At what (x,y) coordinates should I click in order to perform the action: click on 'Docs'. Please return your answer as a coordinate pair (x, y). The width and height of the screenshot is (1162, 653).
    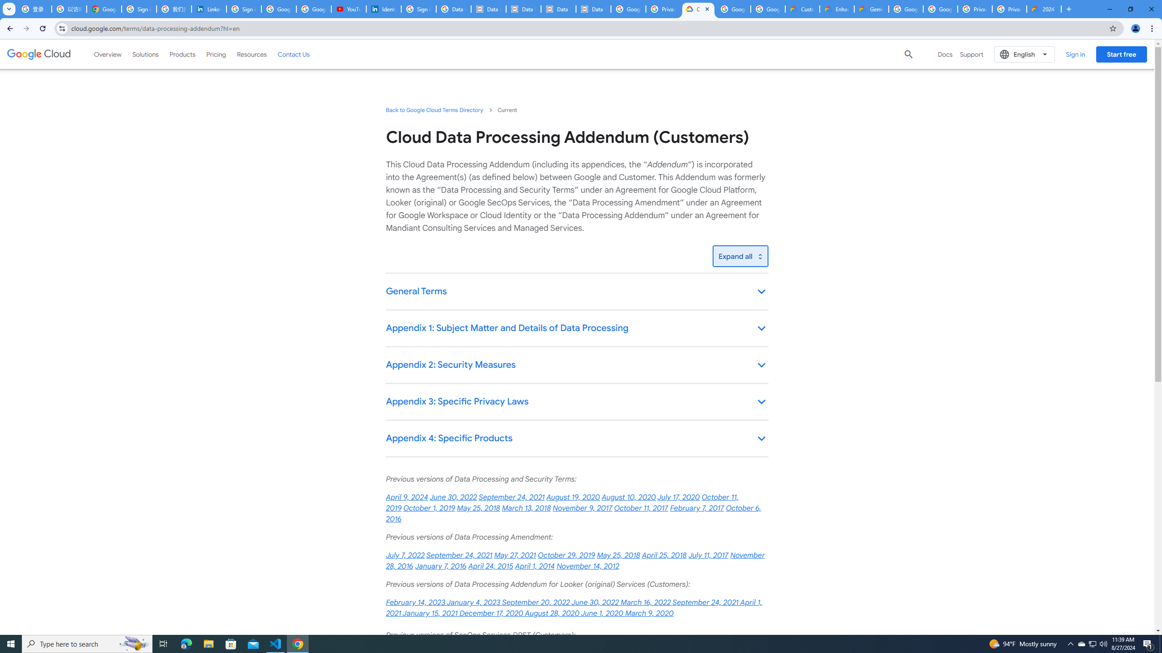
    Looking at the image, I should click on (945, 54).